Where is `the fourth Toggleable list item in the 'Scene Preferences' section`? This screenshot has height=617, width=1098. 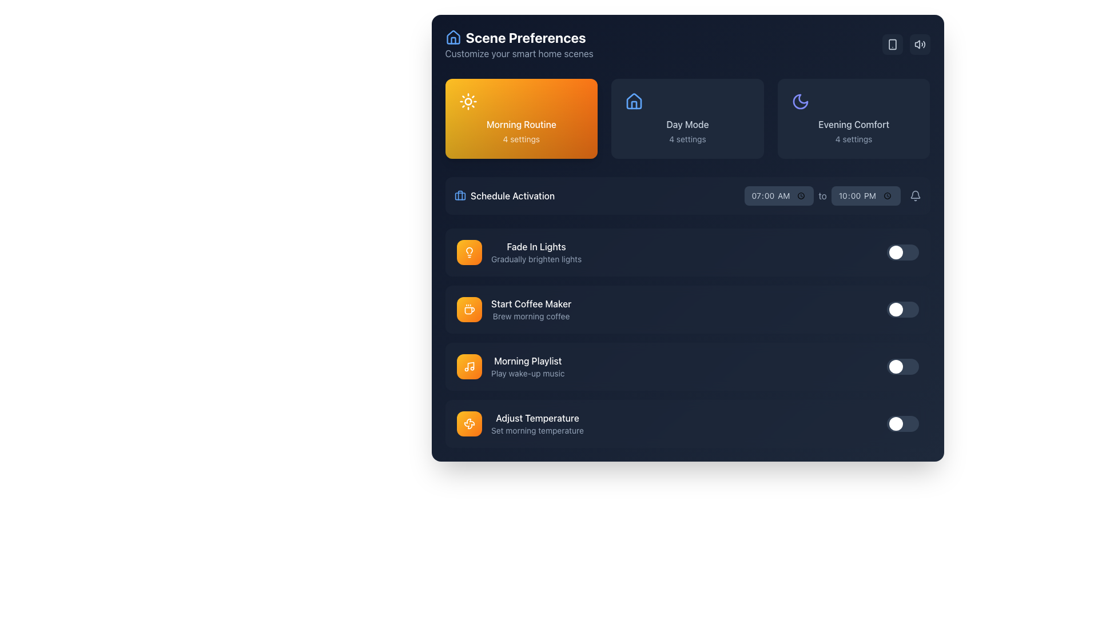
the fourth Toggleable list item in the 'Scene Preferences' section is located at coordinates (687, 423).